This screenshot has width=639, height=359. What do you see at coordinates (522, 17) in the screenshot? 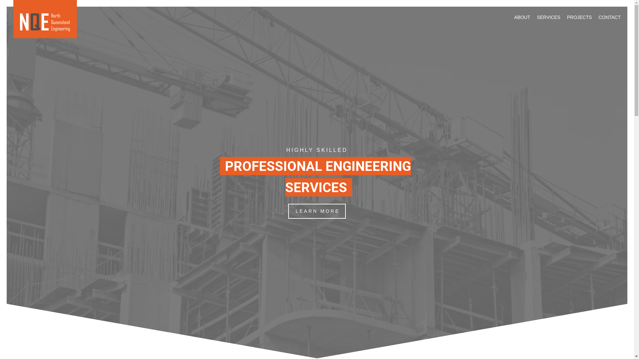
I see `'ABOUT'` at bounding box center [522, 17].